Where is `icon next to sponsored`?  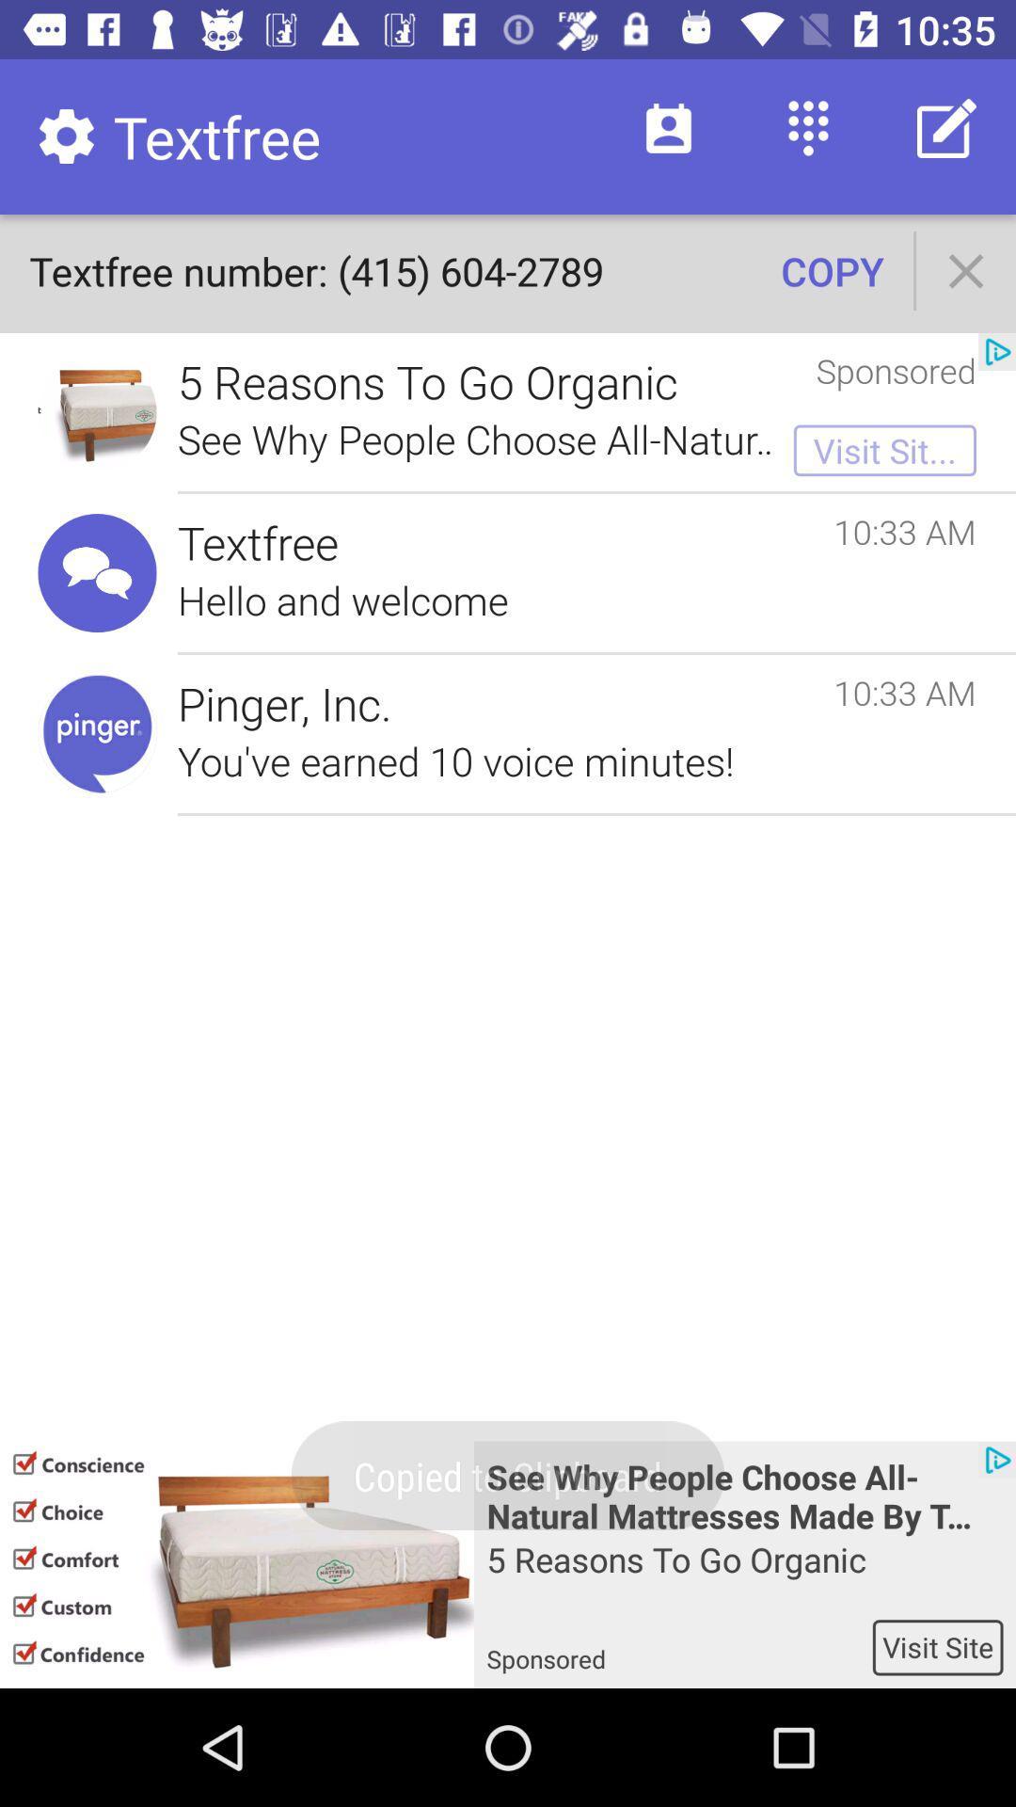 icon next to sponsored is located at coordinates (996, 352).